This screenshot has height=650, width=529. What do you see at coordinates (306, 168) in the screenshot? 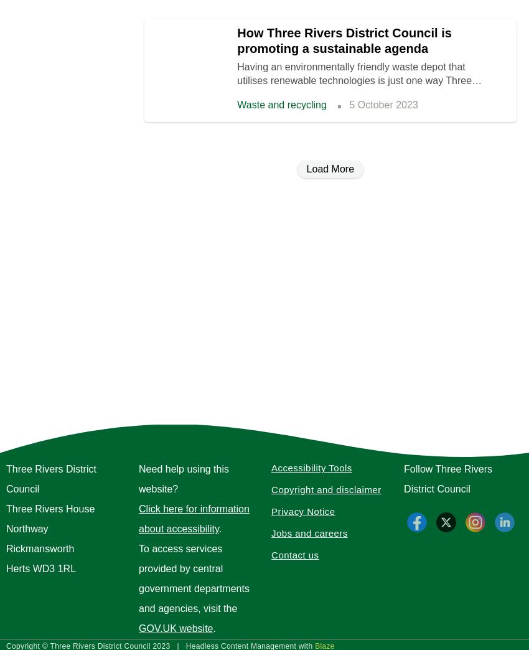
I see `'Load More'` at bounding box center [306, 168].